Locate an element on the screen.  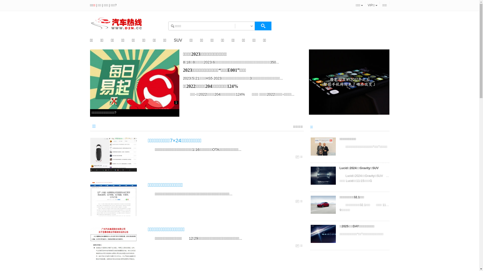
'SUV' is located at coordinates (178, 40).